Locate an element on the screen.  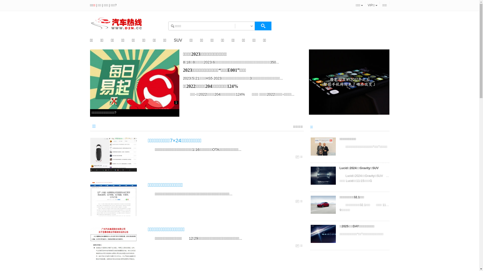
'SUV' is located at coordinates (178, 40).